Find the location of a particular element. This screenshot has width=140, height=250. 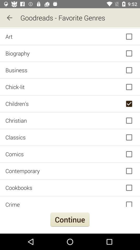

icon above the chick-lit icon is located at coordinates (70, 70).